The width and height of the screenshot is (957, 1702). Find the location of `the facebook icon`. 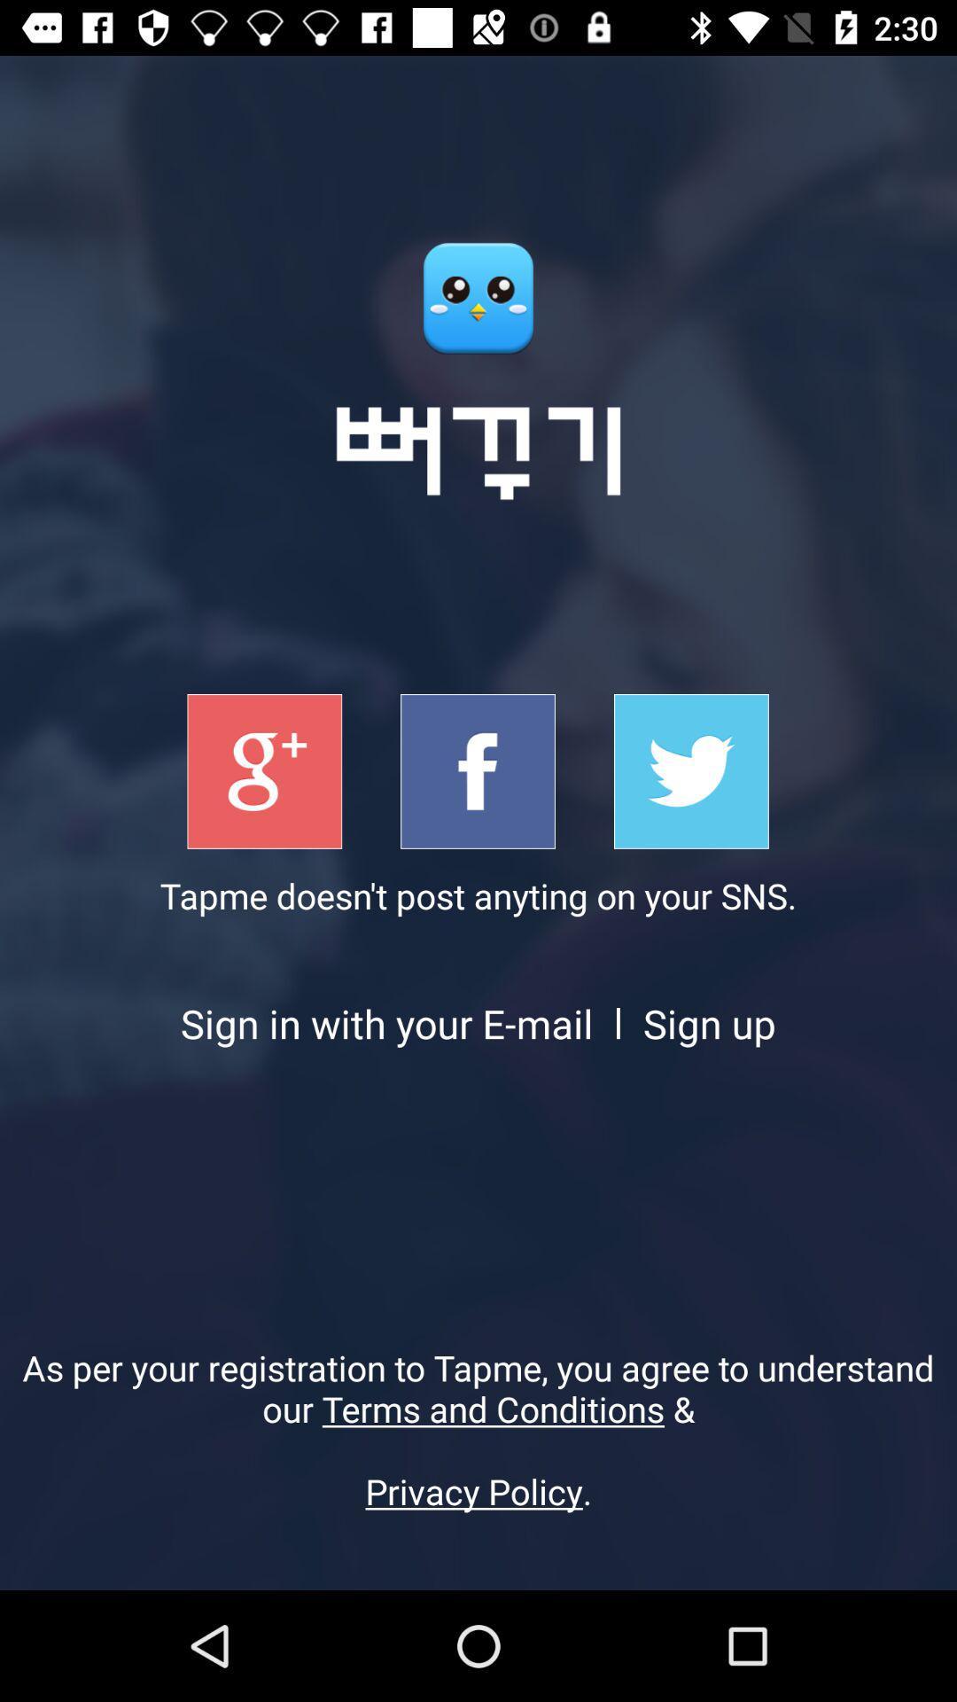

the facebook icon is located at coordinates (477, 771).